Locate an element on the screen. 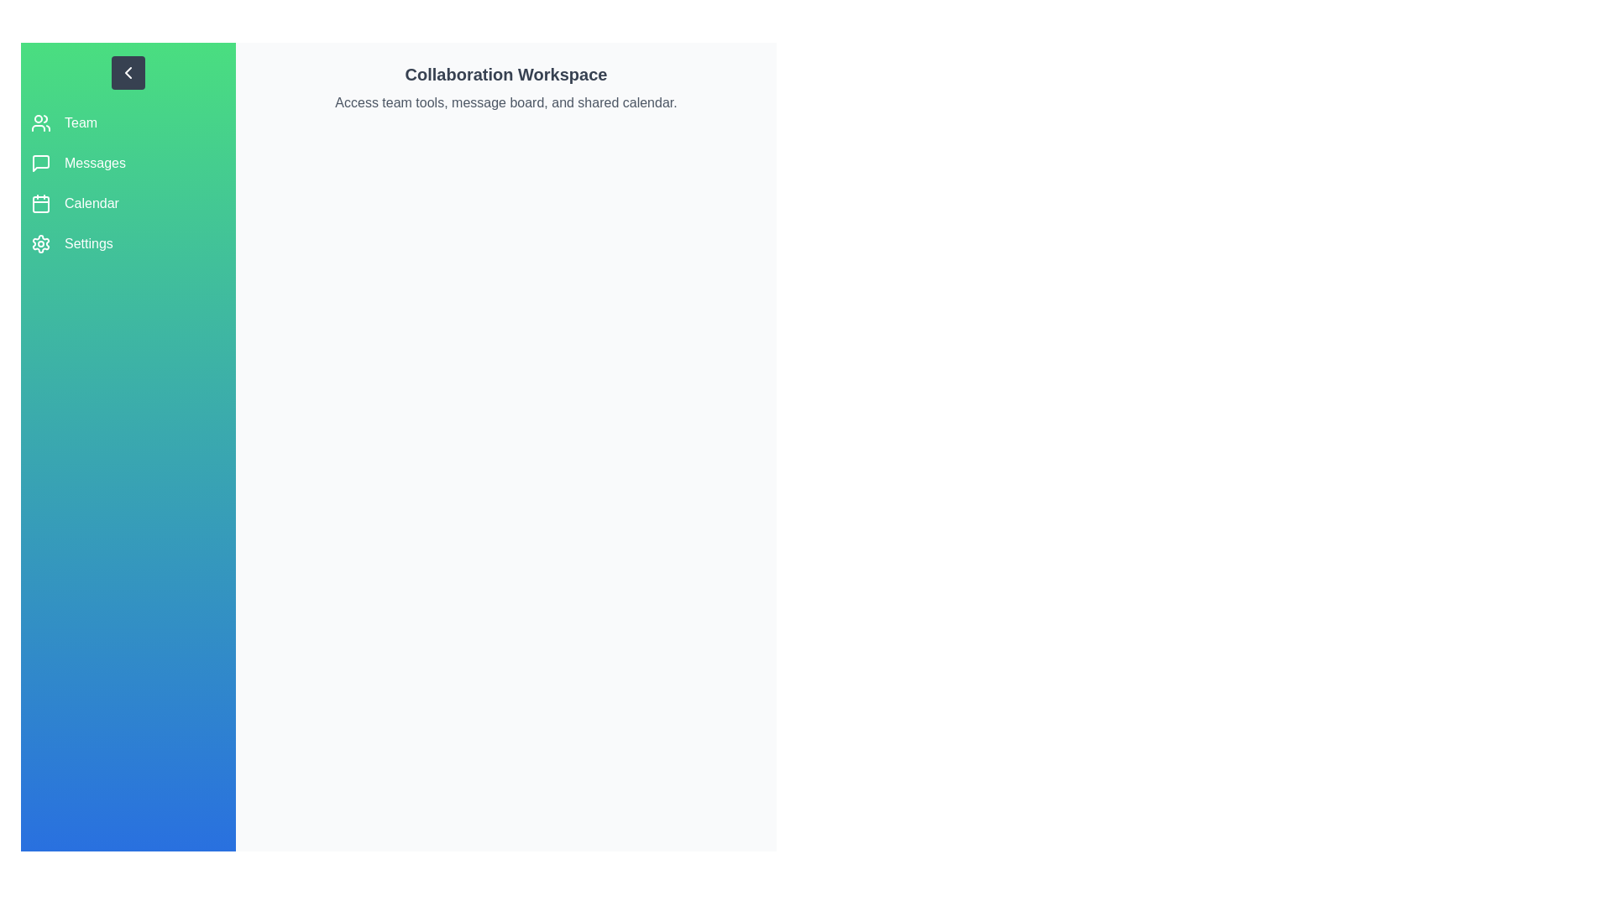 Image resolution: width=1612 pixels, height=906 pixels. the sidebar section Settings is located at coordinates (128, 243).